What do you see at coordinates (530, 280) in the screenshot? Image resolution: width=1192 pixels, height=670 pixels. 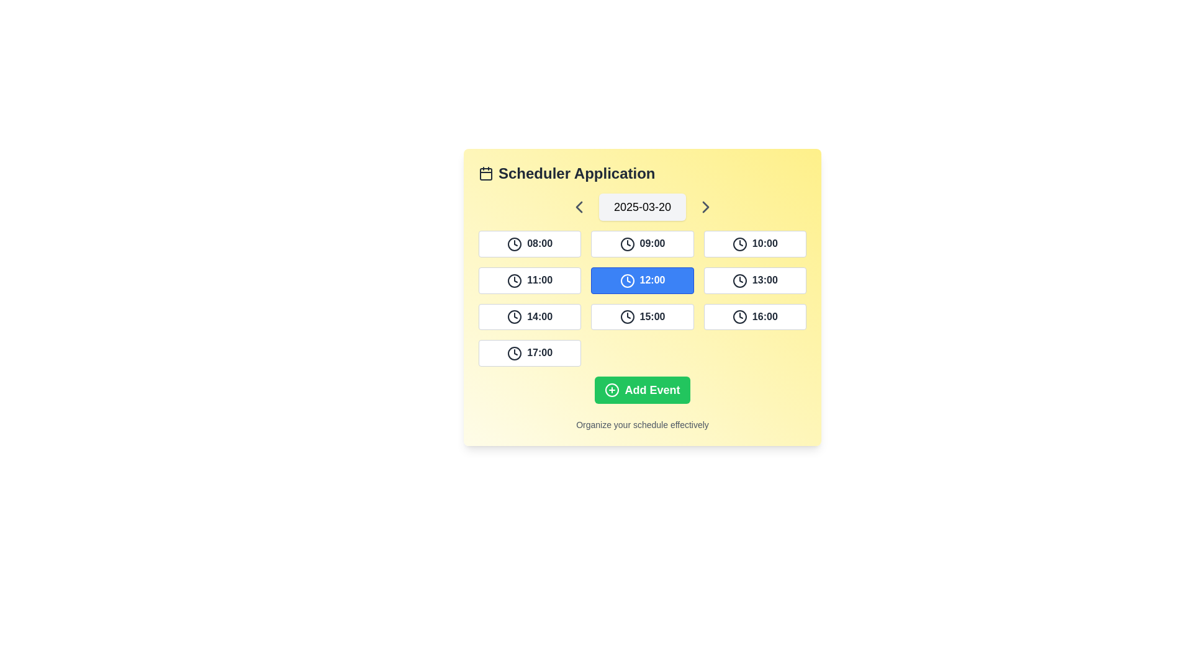 I see `the time slot button labeled '11:00'` at bounding box center [530, 280].